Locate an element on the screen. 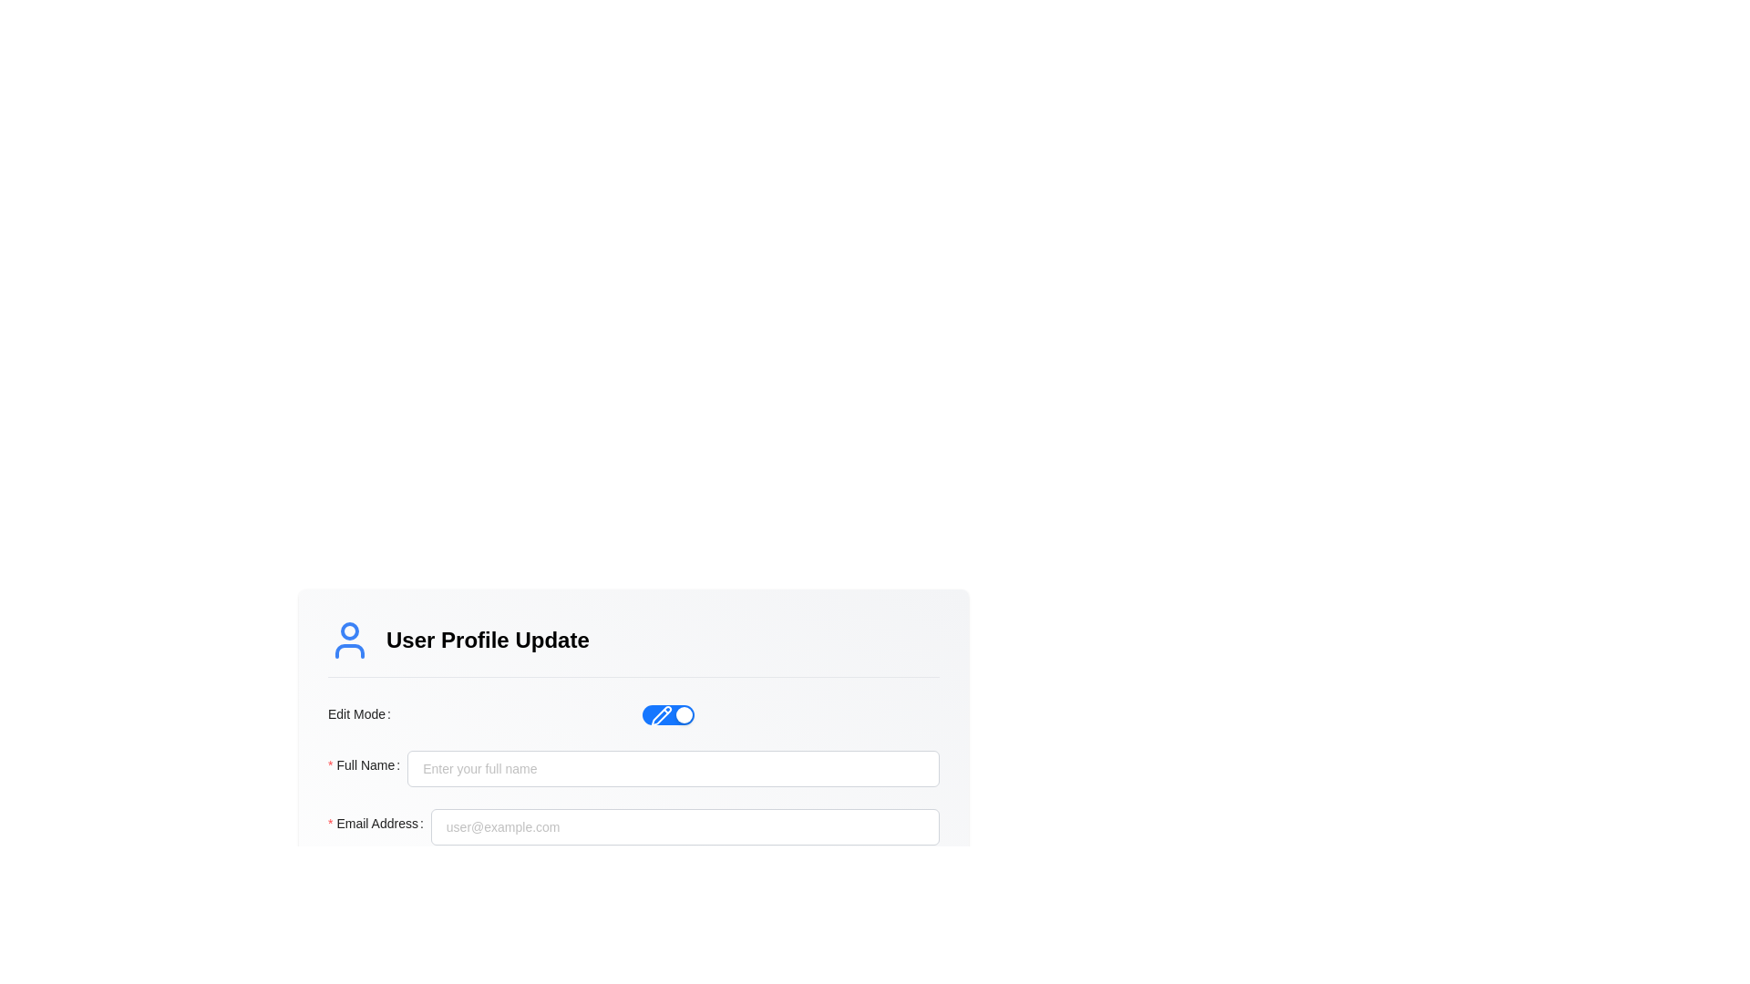 The height and width of the screenshot is (984, 1750). the form input field for full name to focus on it is located at coordinates (633, 769).